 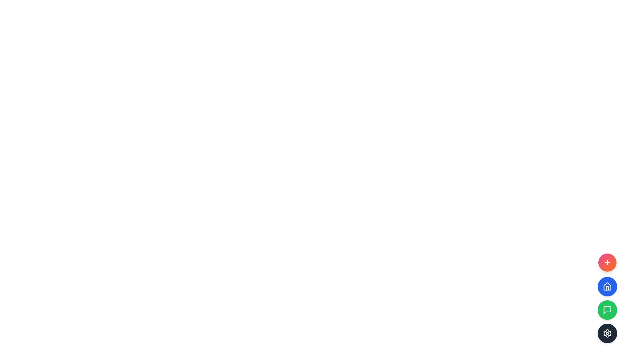 What do you see at coordinates (607, 333) in the screenshot?
I see `the settings icon button located in the bottom right corner of the interface` at bounding box center [607, 333].